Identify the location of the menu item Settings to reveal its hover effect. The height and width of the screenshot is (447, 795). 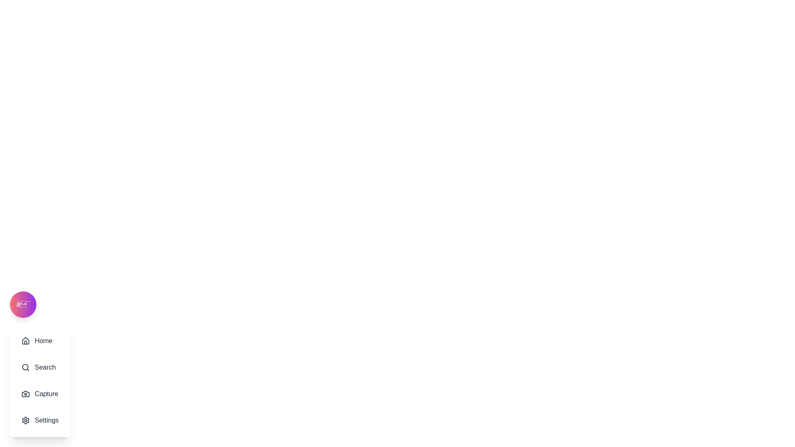
(39, 420).